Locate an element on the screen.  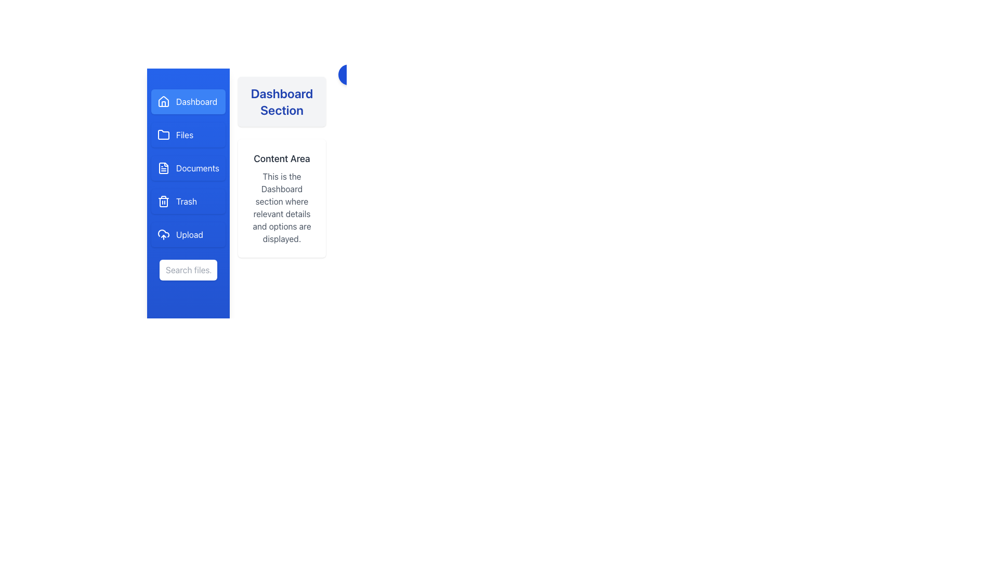
the document icon in the vertical navigation bar, which is characterized by a rectangular outline with a folded corner and inner lines resembling text is located at coordinates (163, 168).